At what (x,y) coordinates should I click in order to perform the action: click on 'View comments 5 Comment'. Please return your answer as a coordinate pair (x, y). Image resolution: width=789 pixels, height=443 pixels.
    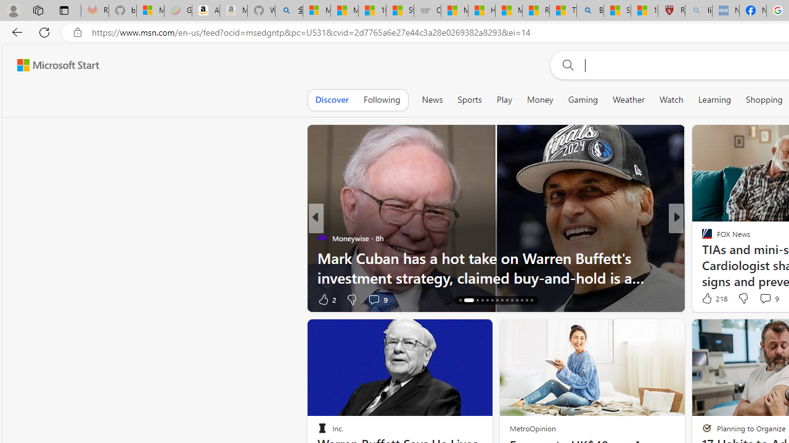
    Looking at the image, I should click on (761, 299).